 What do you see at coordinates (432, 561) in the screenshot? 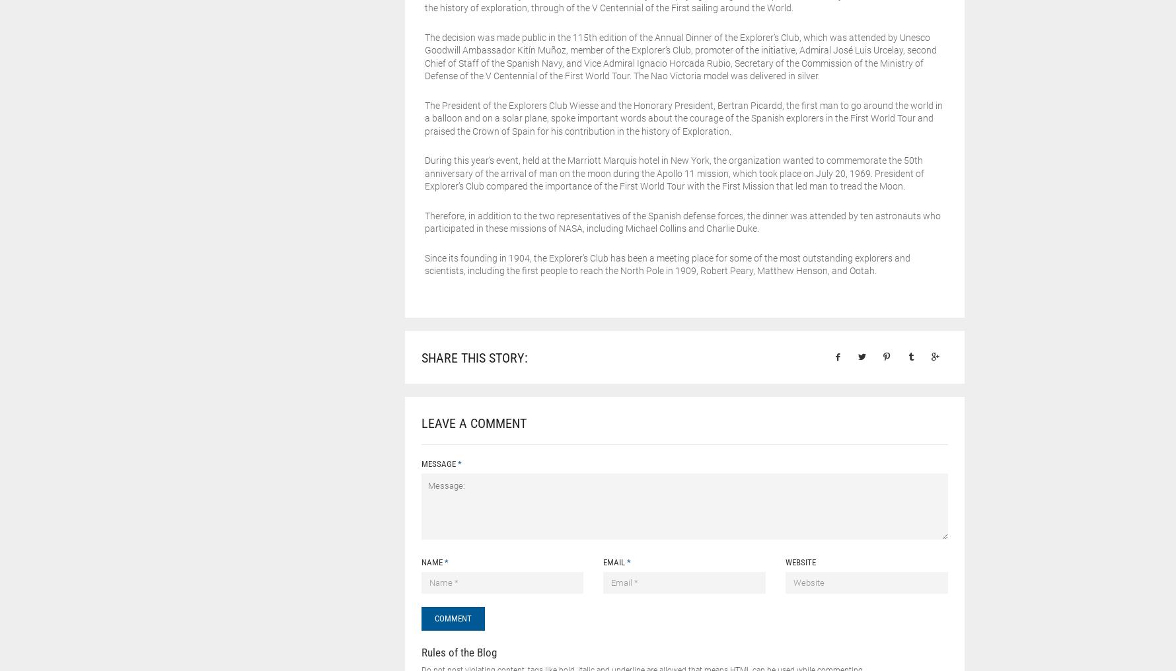
I see `'Name'` at bounding box center [432, 561].